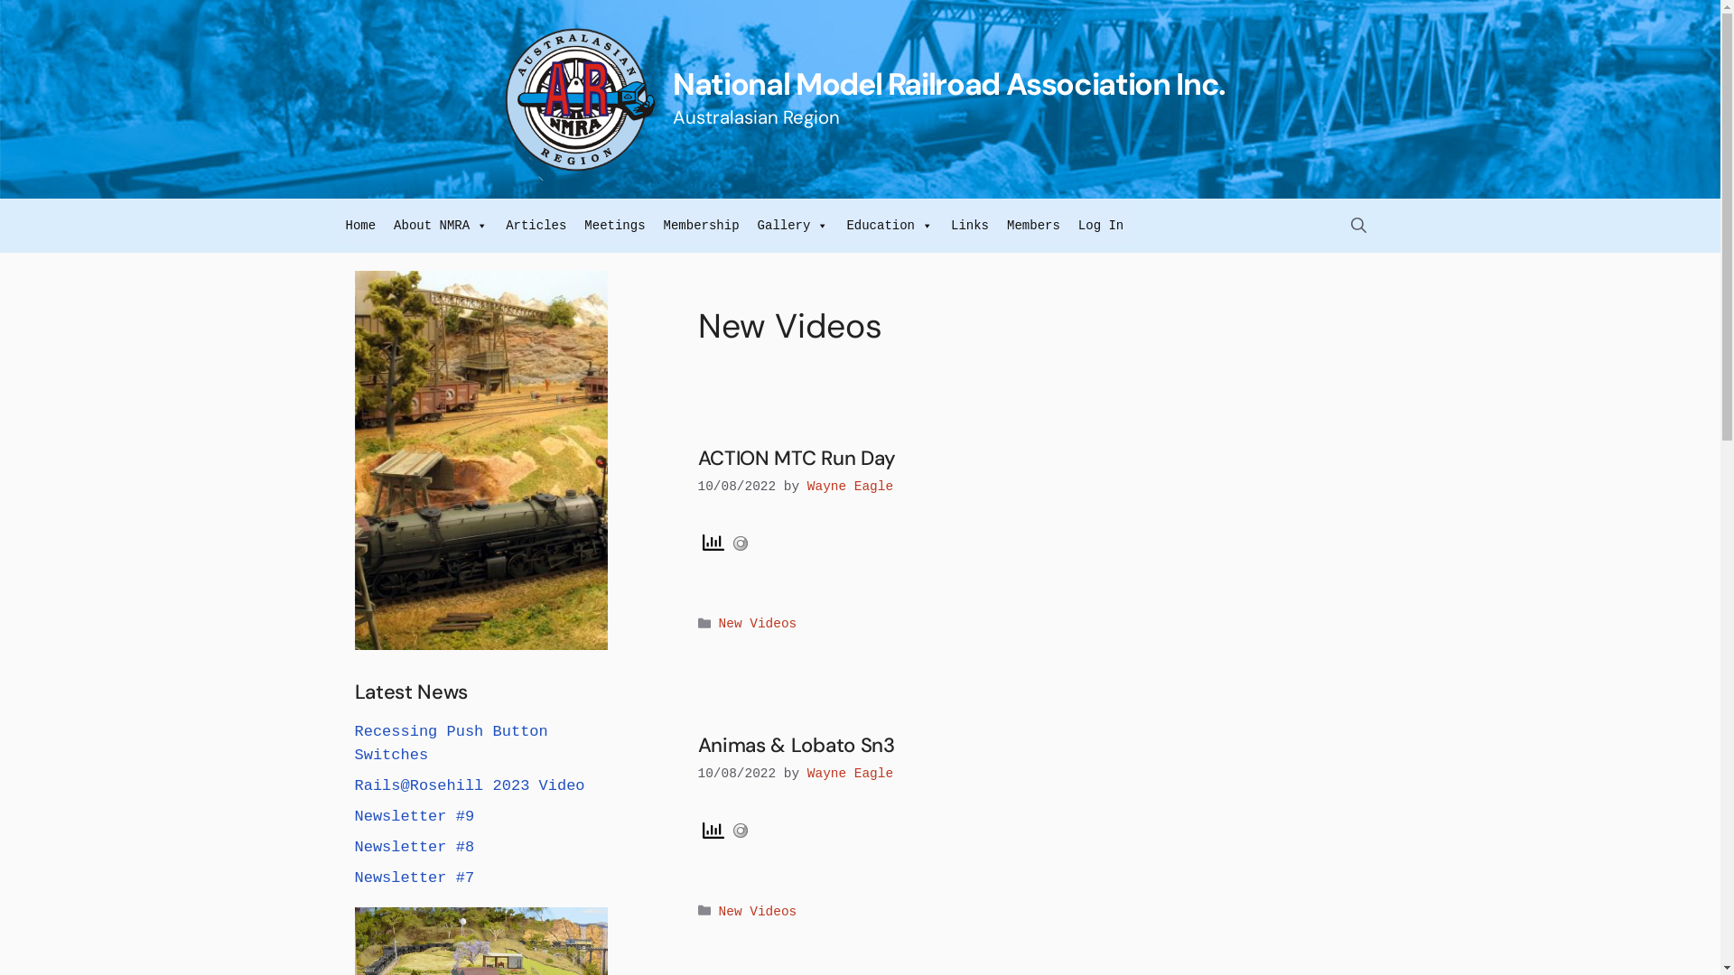  Describe the element at coordinates (354, 743) in the screenshot. I see `'Recessing Push Button Switches'` at that location.